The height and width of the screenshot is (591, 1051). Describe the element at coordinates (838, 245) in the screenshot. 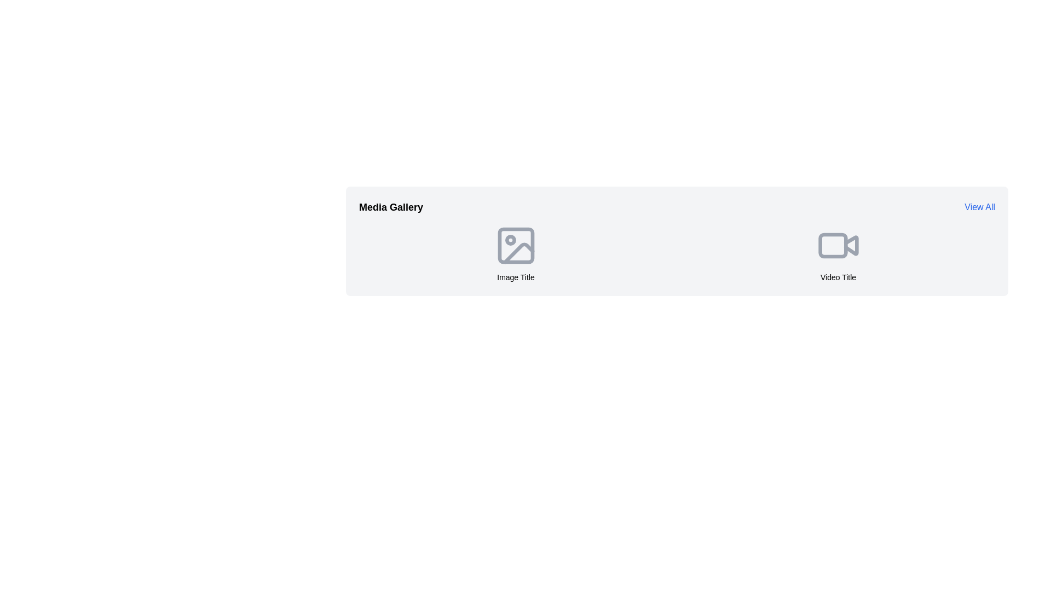

I see `the video camera icon, which is a modern line-art design in gray color, located in the media gallery layout, right of the 'Image Title' icon and above the 'Video Title' label` at that location.